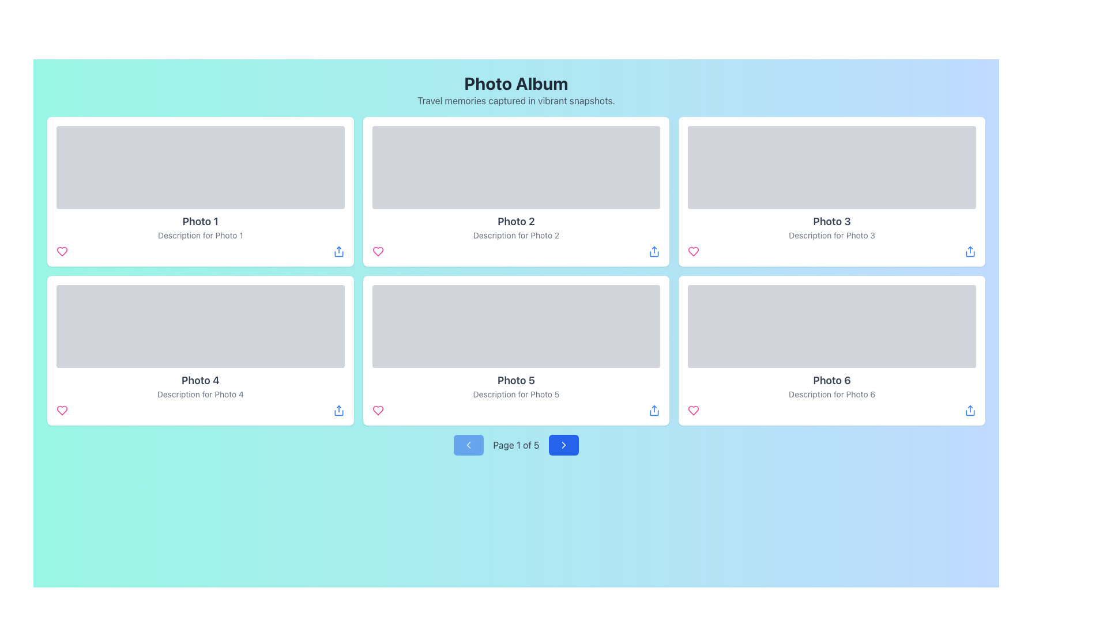 The height and width of the screenshot is (622, 1107). Describe the element at coordinates (970, 410) in the screenshot. I see `the share button located at the bottom right corner of the photo grid layout` at that location.